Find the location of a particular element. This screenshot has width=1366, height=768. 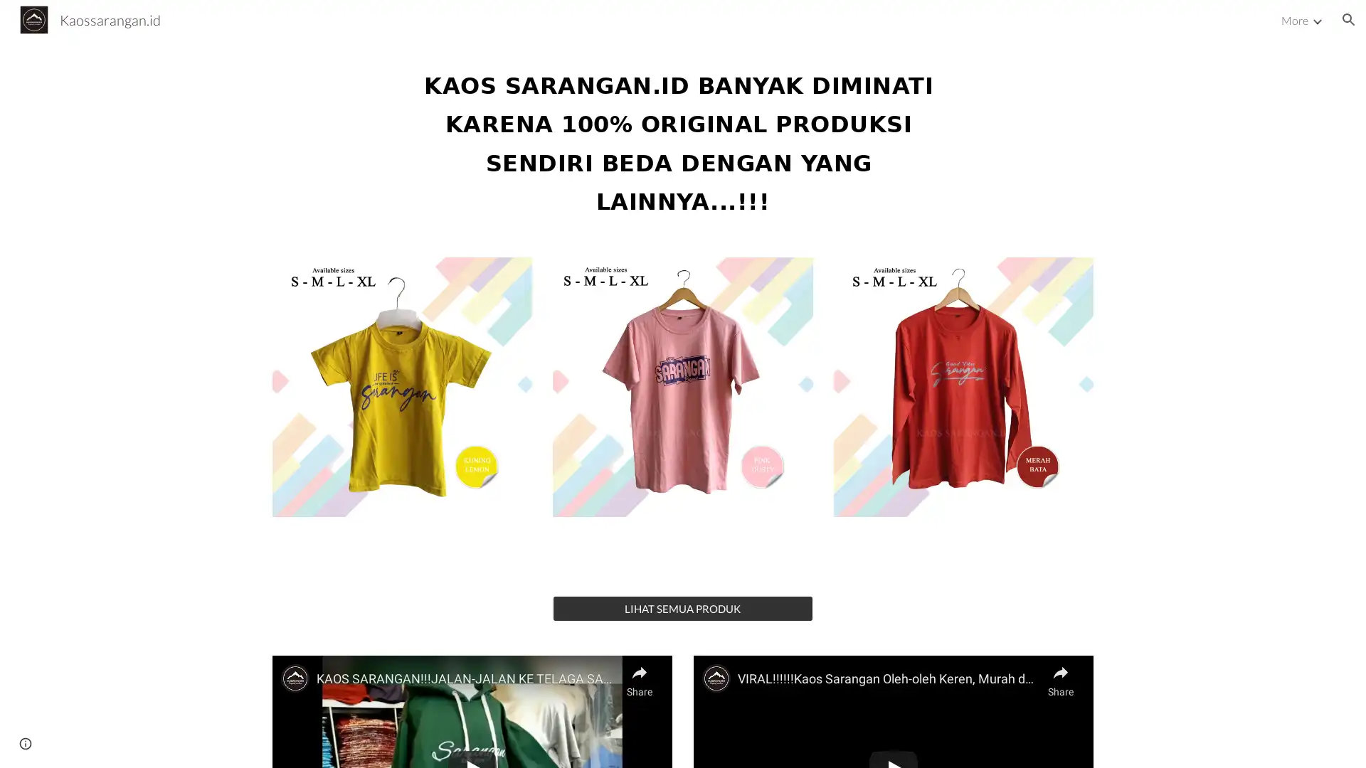

Skip to navigation is located at coordinates (810, 26).